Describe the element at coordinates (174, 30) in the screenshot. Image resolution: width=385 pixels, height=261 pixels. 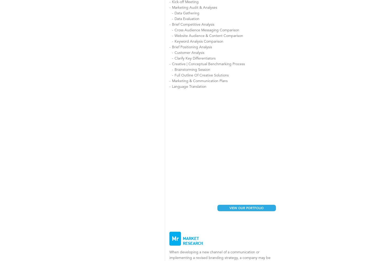
I see `'Cross Audience Messaging Comparison'` at that location.